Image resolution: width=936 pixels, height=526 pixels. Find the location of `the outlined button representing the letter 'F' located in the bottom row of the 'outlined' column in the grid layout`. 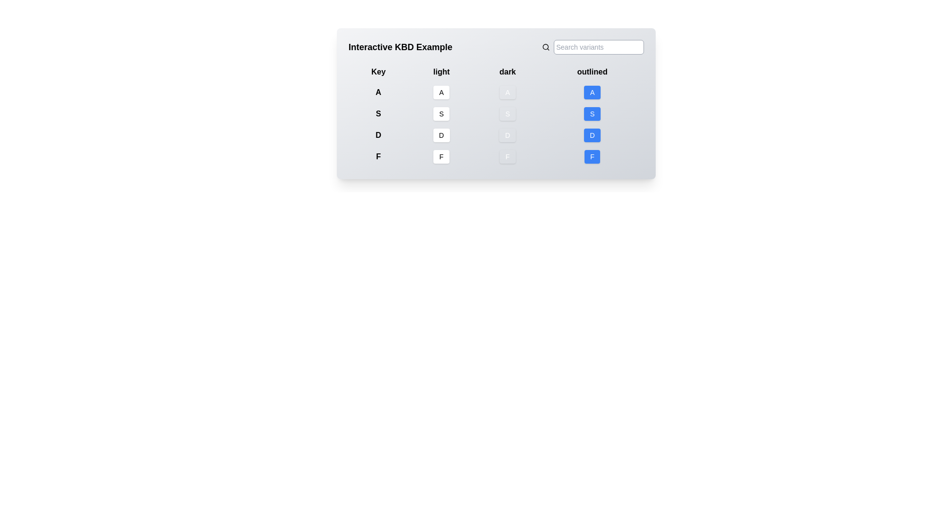

the outlined button representing the letter 'F' located in the bottom row of the 'outlined' column in the grid layout is located at coordinates (592, 156).